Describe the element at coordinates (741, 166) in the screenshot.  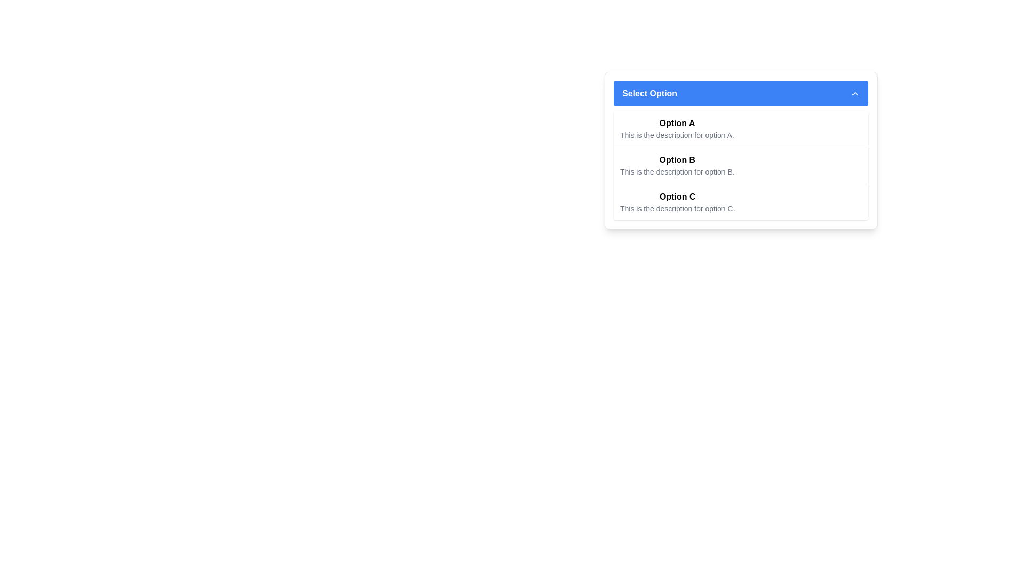
I see `the dropdown option labeled 'Option B'` at that location.